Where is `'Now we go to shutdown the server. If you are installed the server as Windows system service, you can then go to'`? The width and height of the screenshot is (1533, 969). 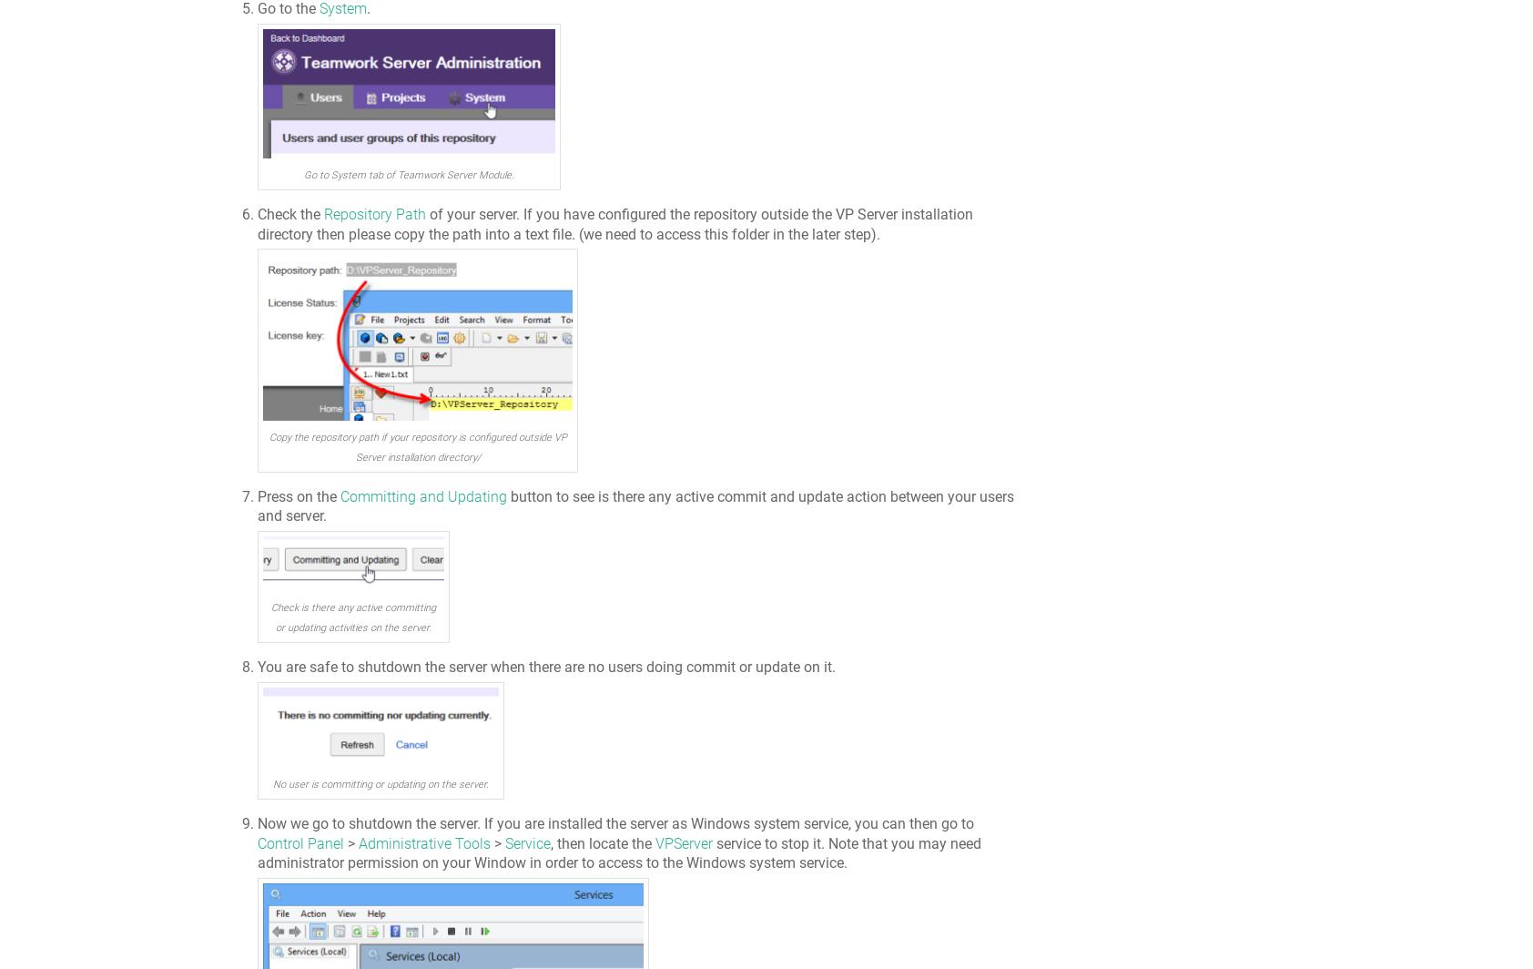 'Now we go to shutdown the server. If you are installed the server as Windows system service, you can then go to' is located at coordinates (615, 823).